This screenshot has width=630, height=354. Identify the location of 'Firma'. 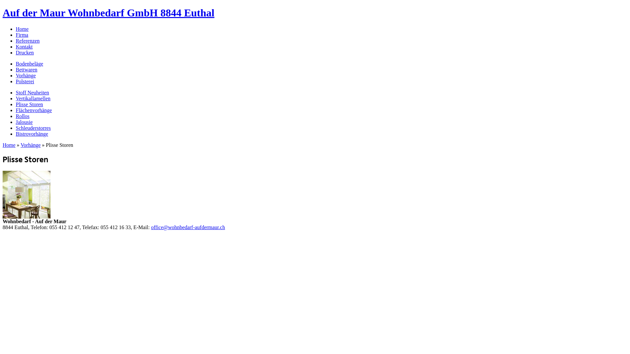
(16, 35).